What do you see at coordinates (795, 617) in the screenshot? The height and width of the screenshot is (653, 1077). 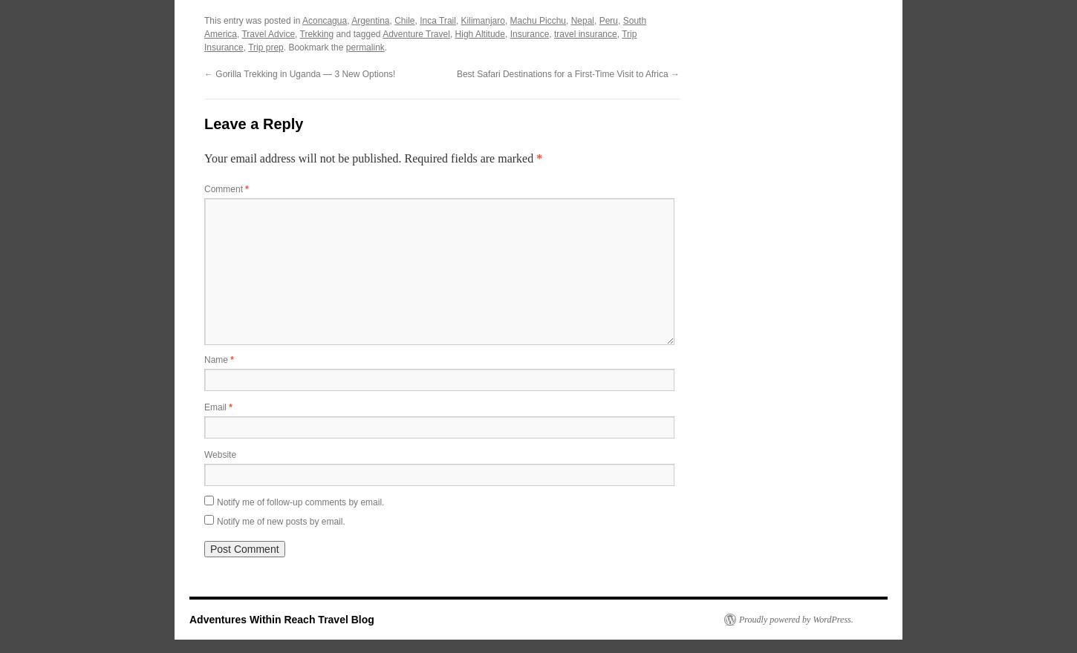 I see `'Proudly powered by WordPress.'` at bounding box center [795, 617].